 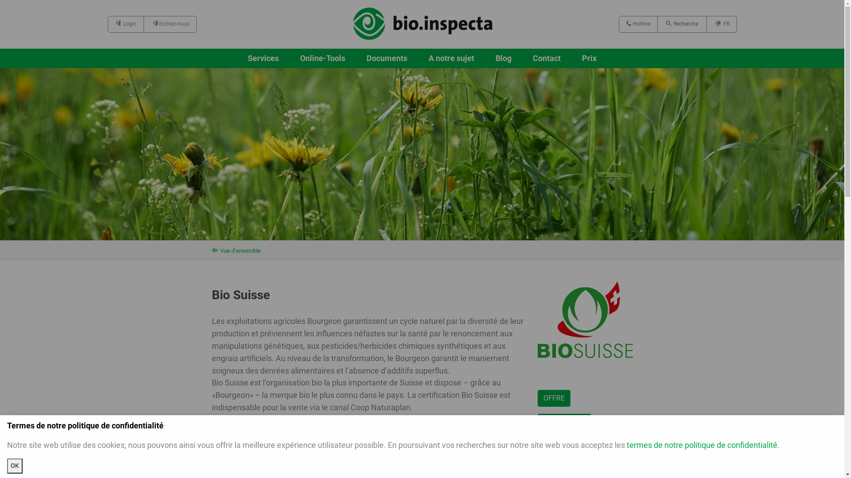 I want to click on 'OK', so click(x=15, y=466).